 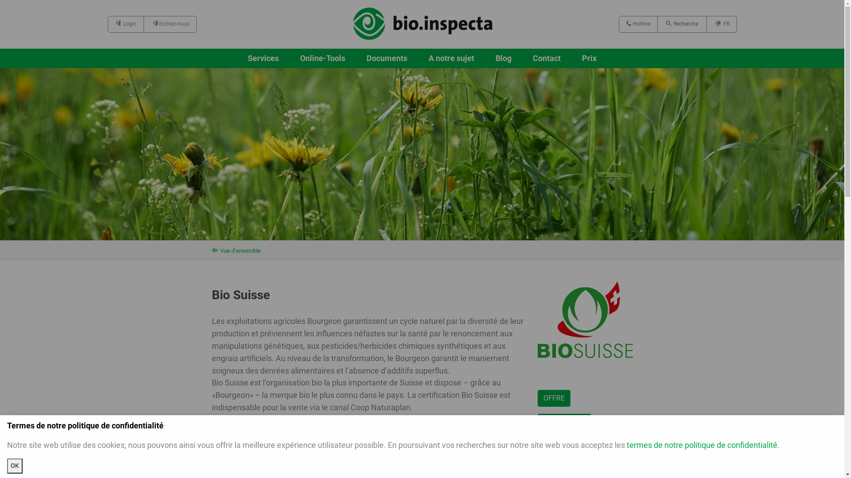 I want to click on 'OK', so click(x=15, y=466).